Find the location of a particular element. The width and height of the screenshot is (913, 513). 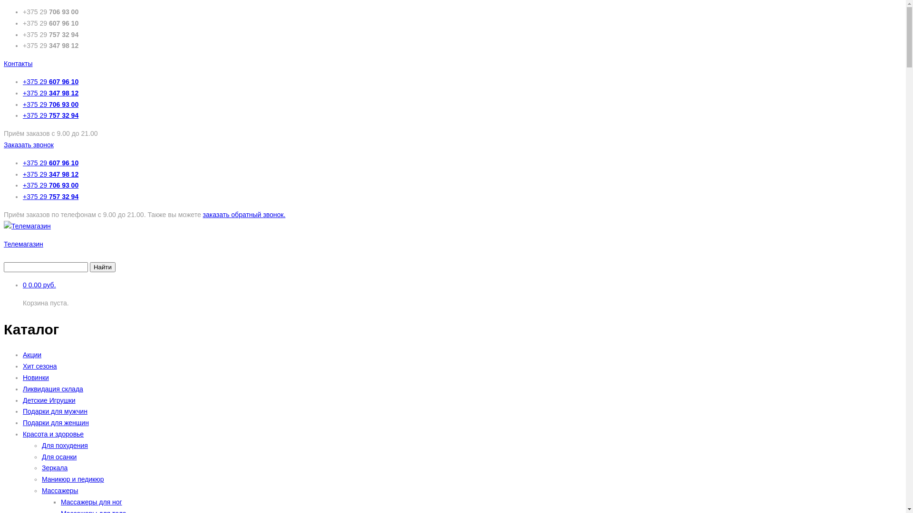

'+375 29 706 93 00' is located at coordinates (50, 185).